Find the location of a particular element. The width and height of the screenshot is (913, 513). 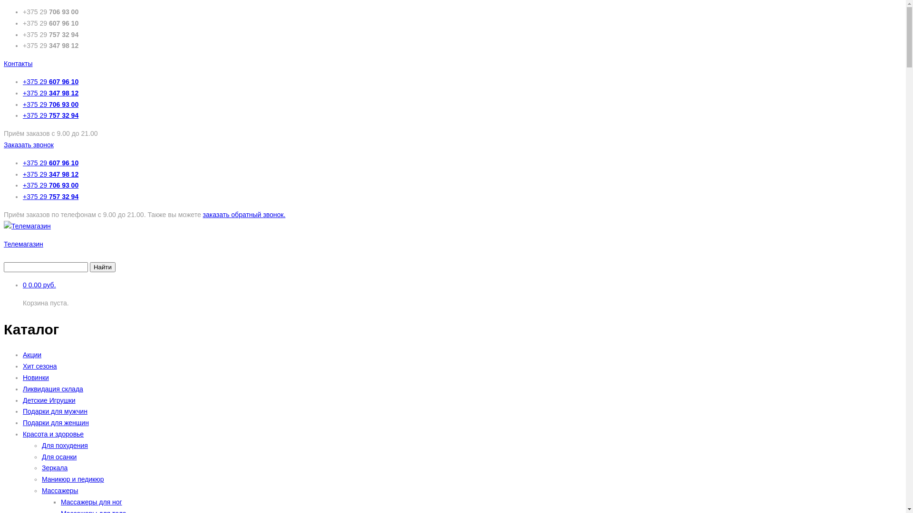

'+375 29 706 93 00' is located at coordinates (50, 185).